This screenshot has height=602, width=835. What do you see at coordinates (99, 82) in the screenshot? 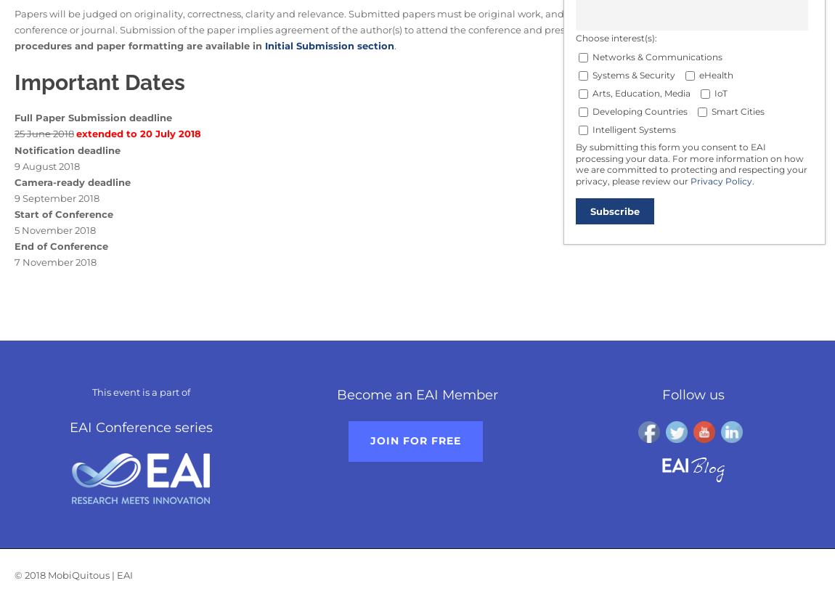
I see `'Important Dates'` at bounding box center [99, 82].